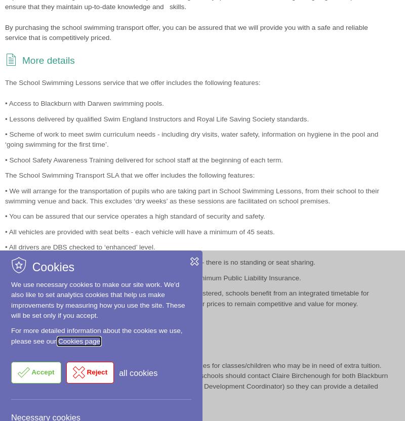 This screenshot has width=405, height=421. Describe the element at coordinates (47, 402) in the screenshot. I see `'Documents'` at that location.